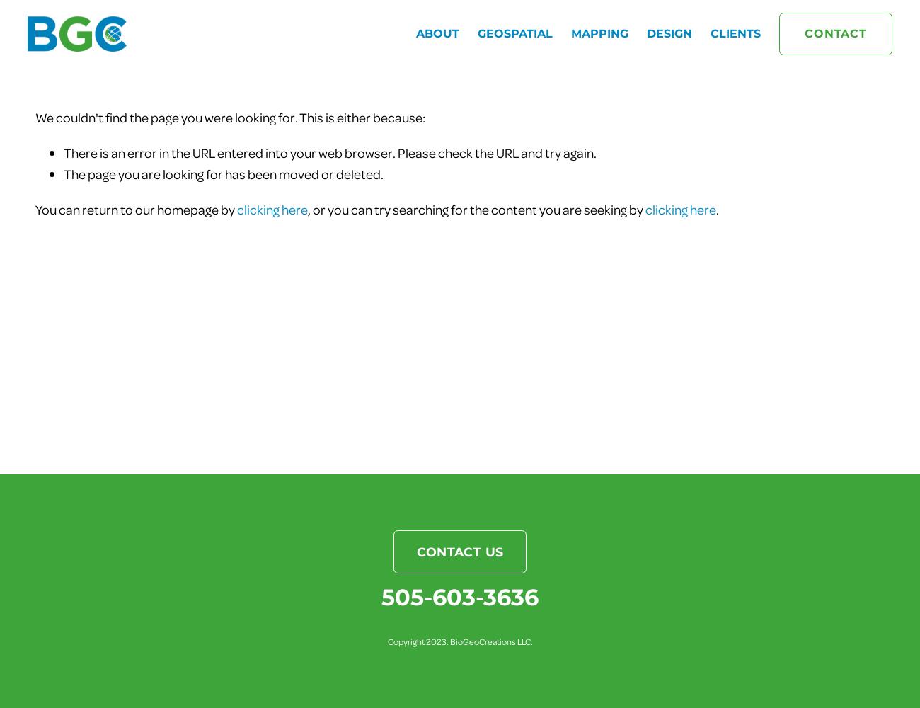  I want to click on 'Copyright 2023. BioGeoCreations LLC.', so click(459, 641).